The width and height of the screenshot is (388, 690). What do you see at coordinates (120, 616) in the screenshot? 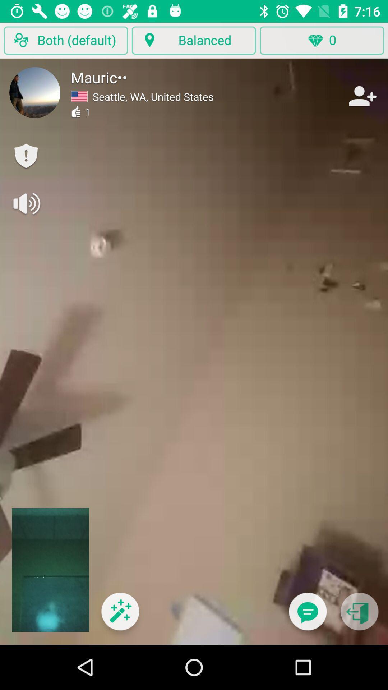
I see `the edit icon` at bounding box center [120, 616].